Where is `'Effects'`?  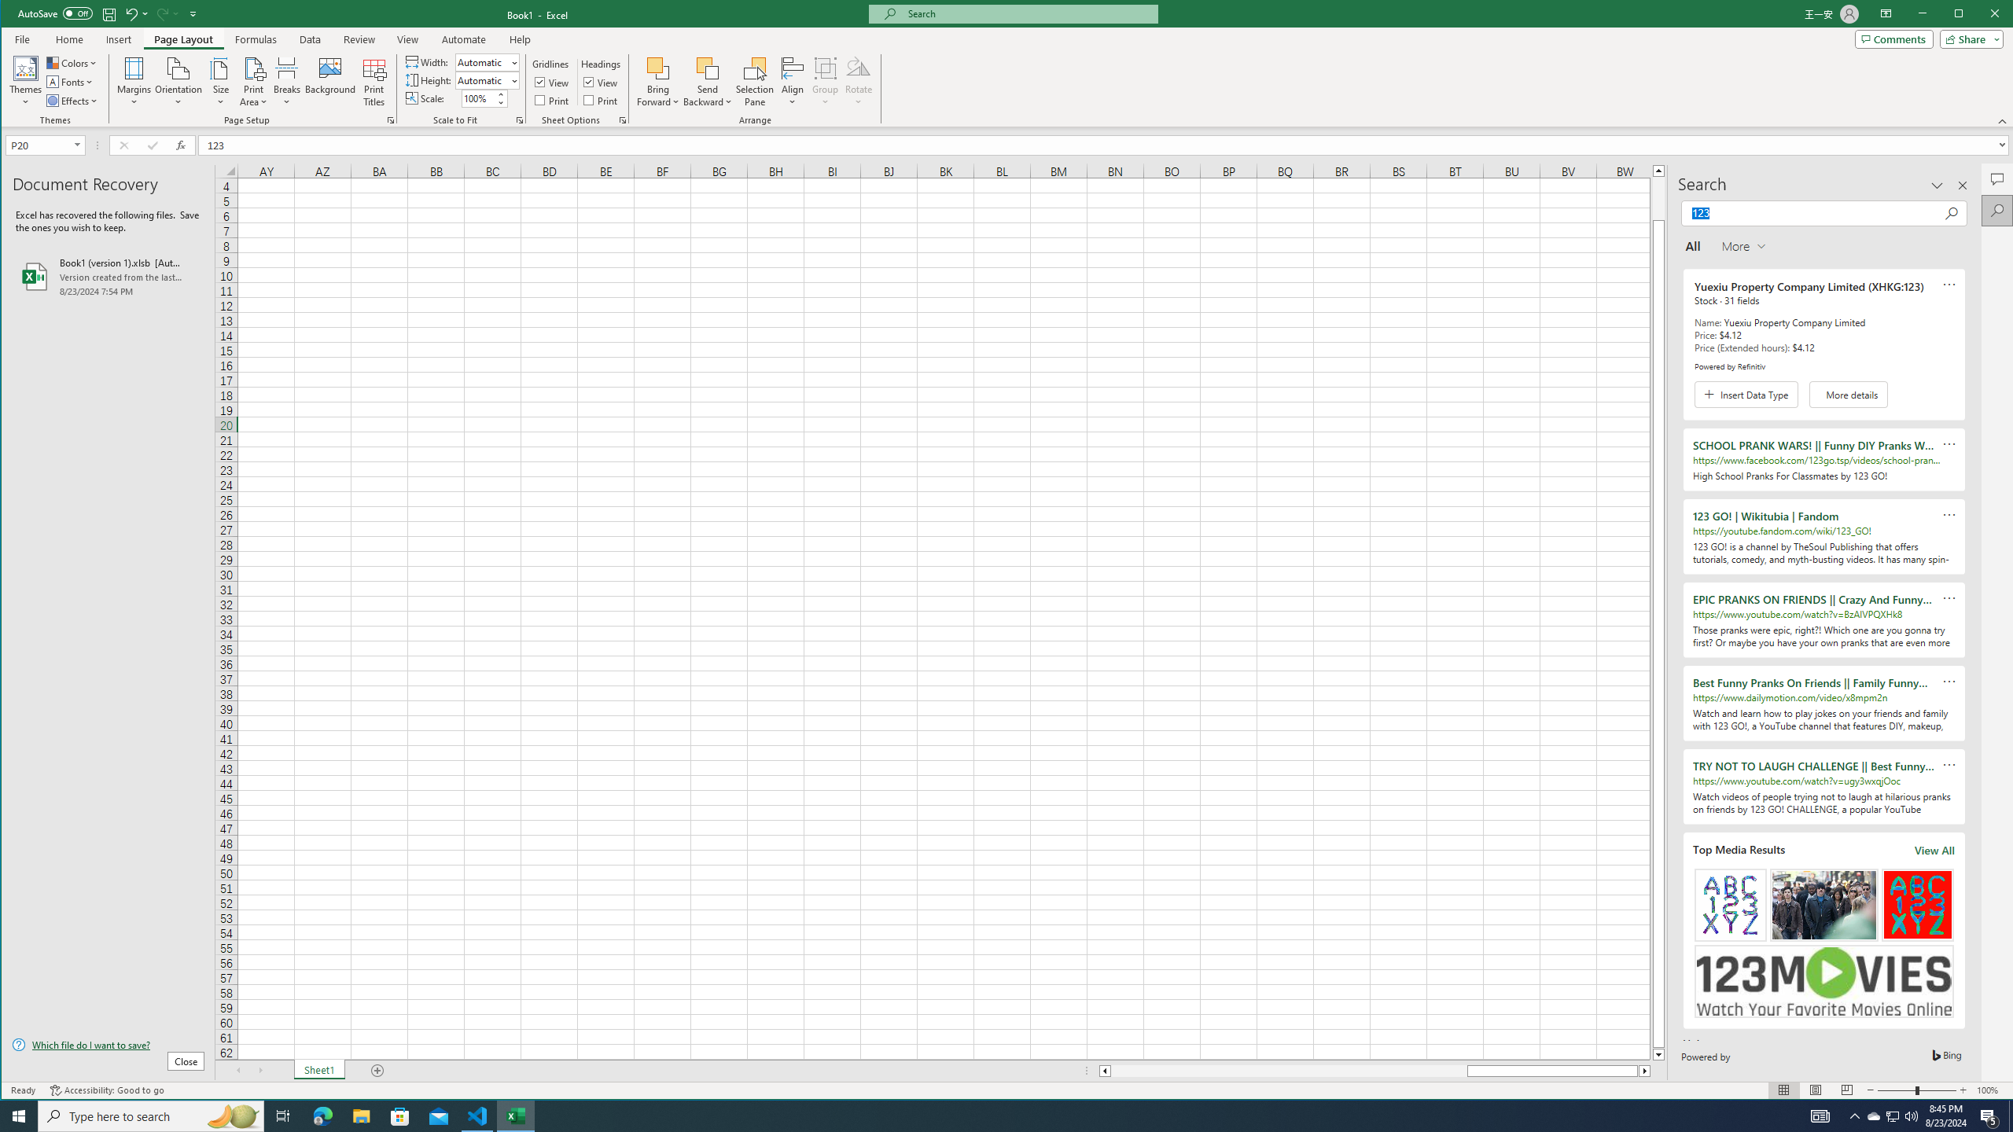
'Effects' is located at coordinates (73, 100).